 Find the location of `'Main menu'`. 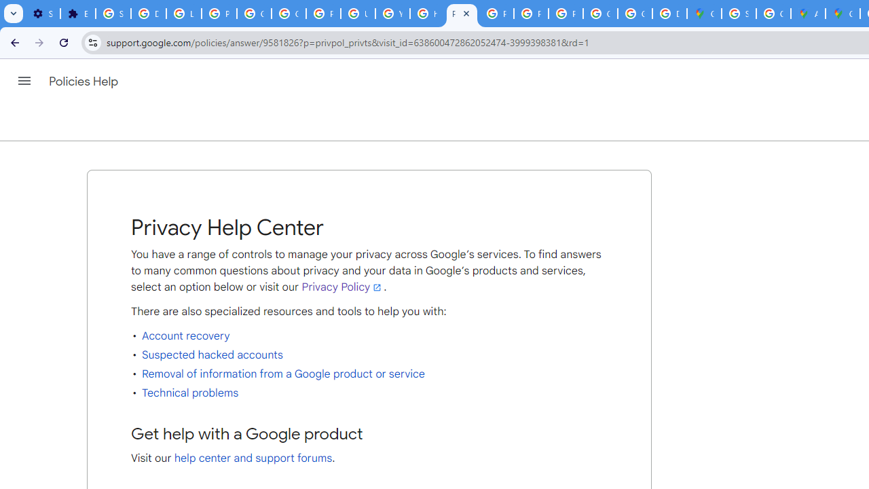

'Main menu' is located at coordinates (24, 81).